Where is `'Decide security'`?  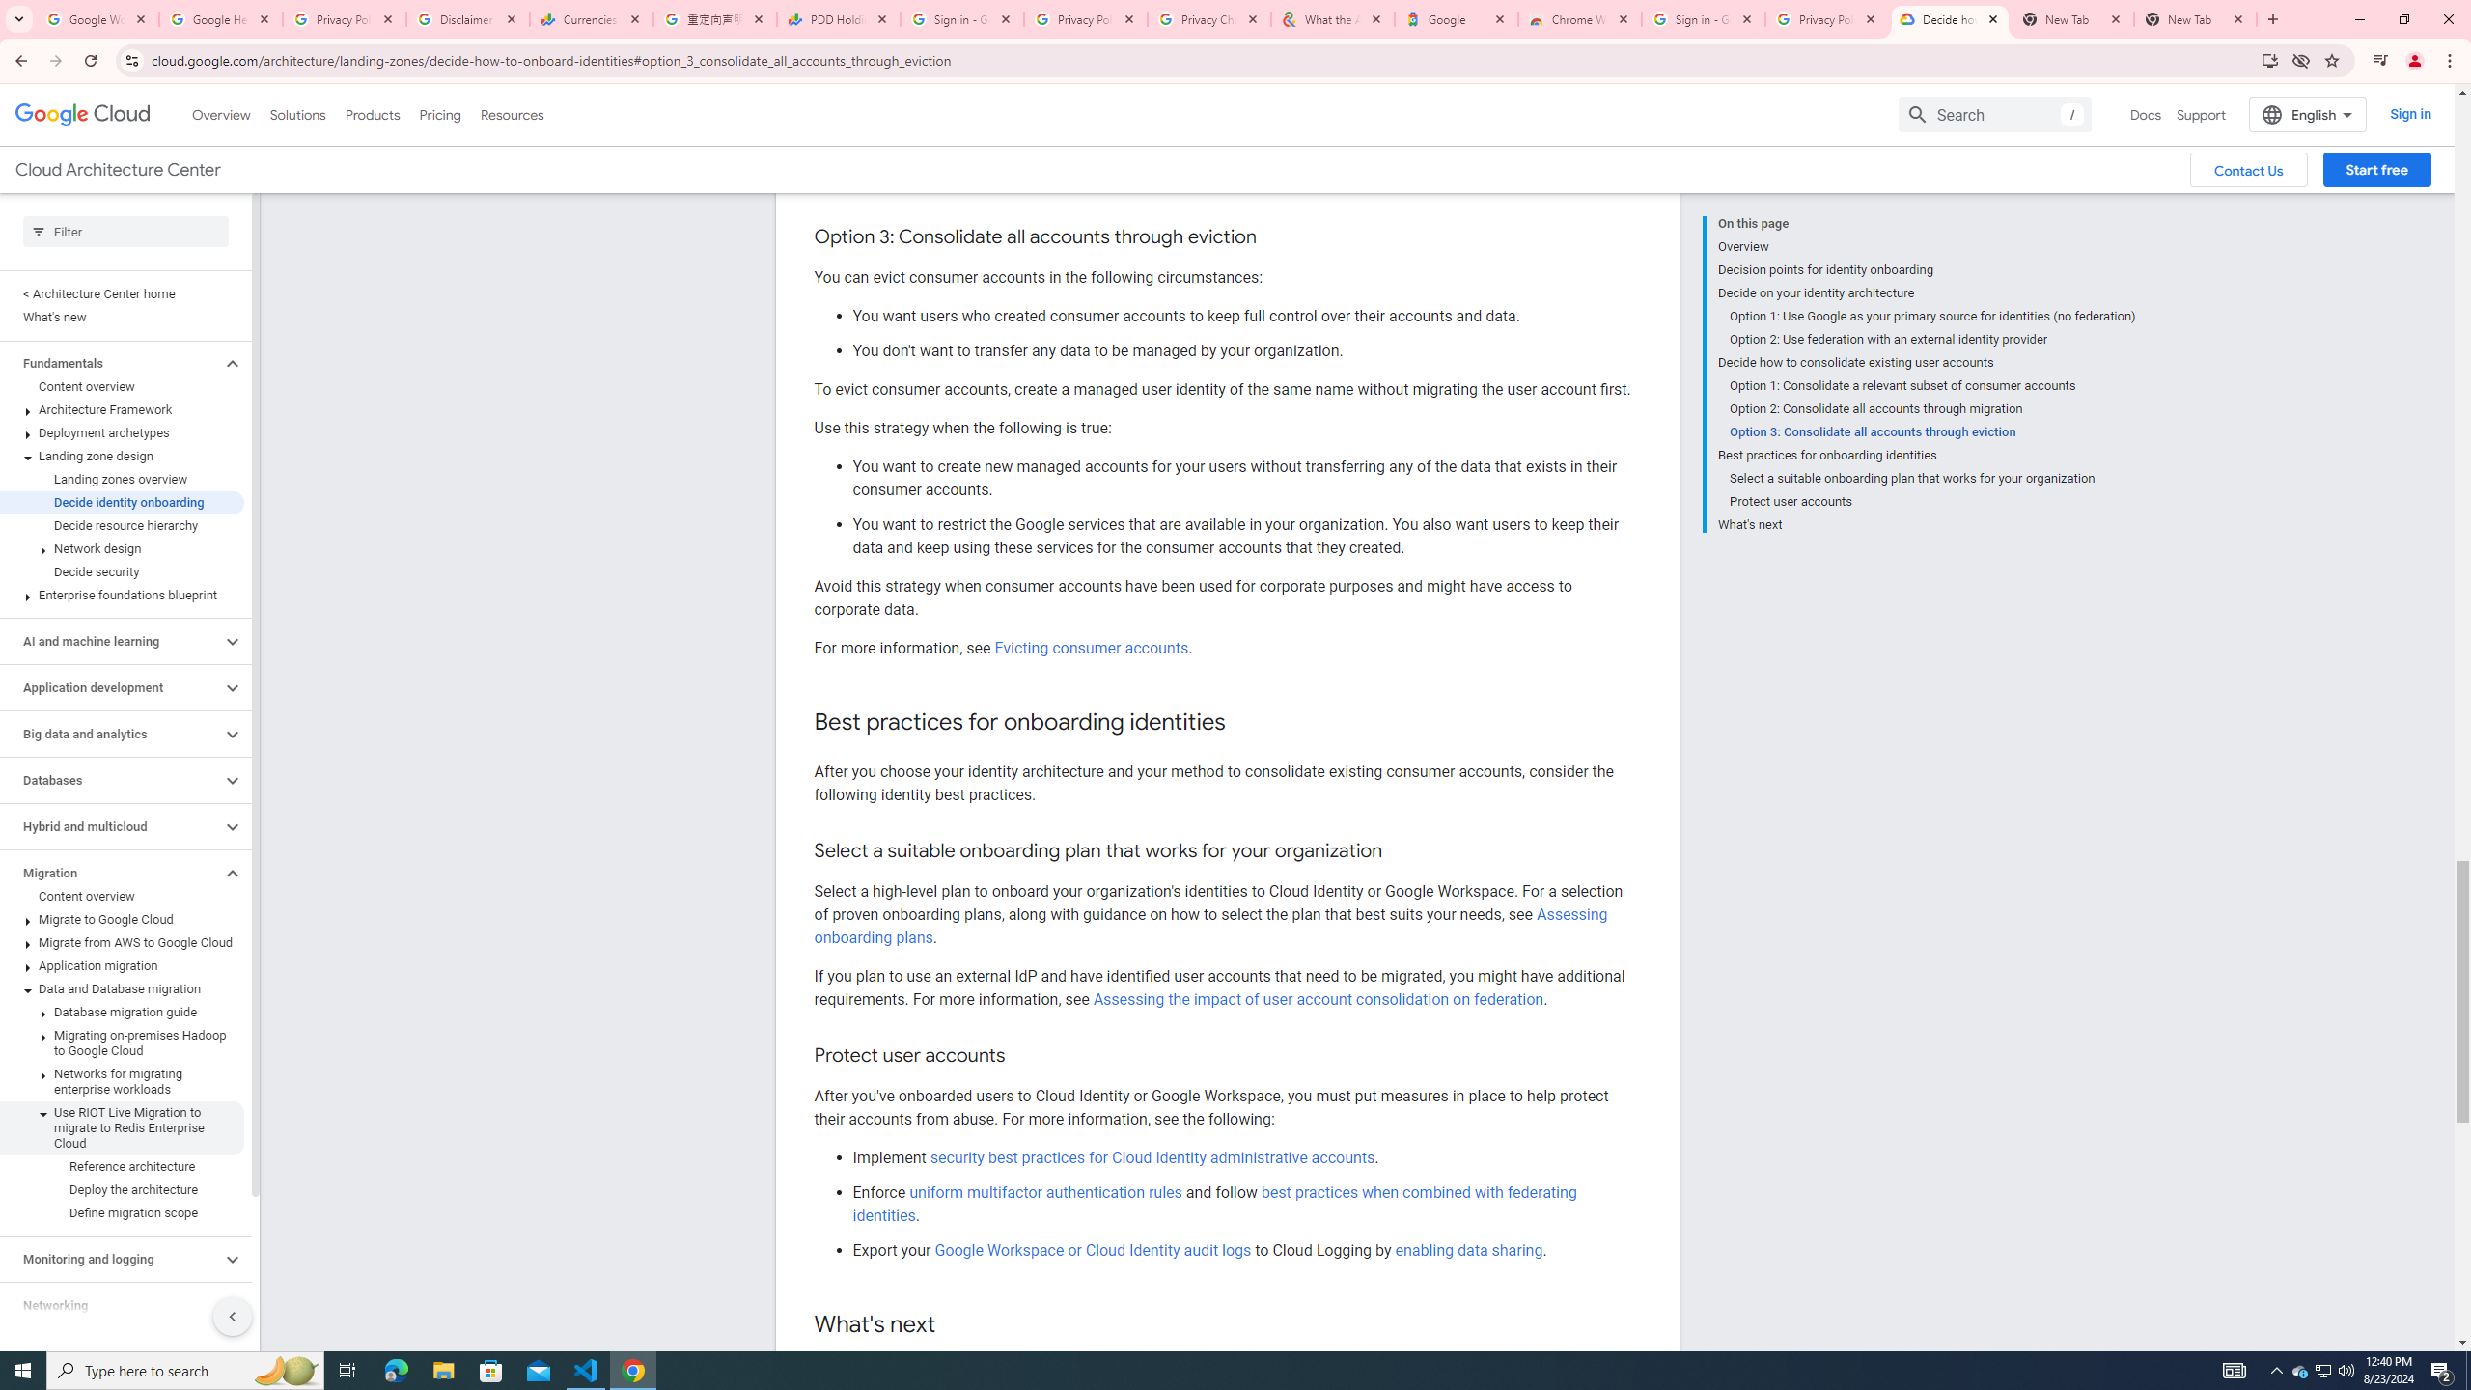 'Decide security' is located at coordinates (122, 570).